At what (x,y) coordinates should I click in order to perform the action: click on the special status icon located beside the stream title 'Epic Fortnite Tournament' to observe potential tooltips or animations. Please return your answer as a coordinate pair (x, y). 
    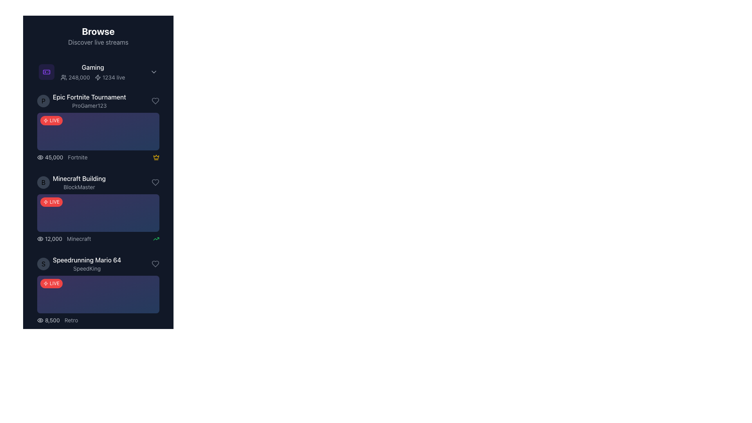
    Looking at the image, I should click on (156, 157).